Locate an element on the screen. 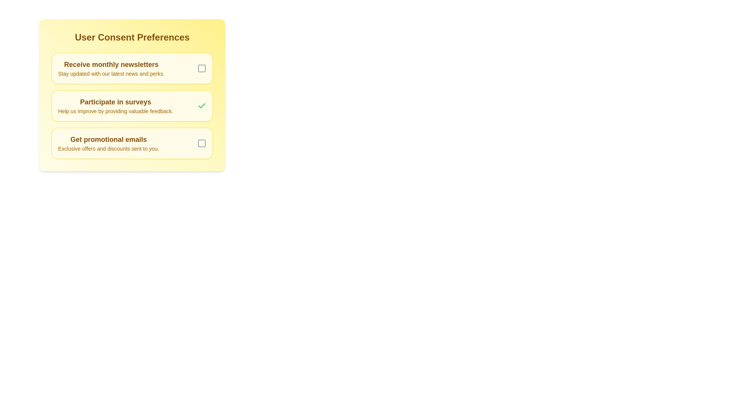 The image size is (734, 413). the checkbox located in the 'Receive monthly newsletters' section of the 'User Consent Preferences' panel is located at coordinates (202, 68).